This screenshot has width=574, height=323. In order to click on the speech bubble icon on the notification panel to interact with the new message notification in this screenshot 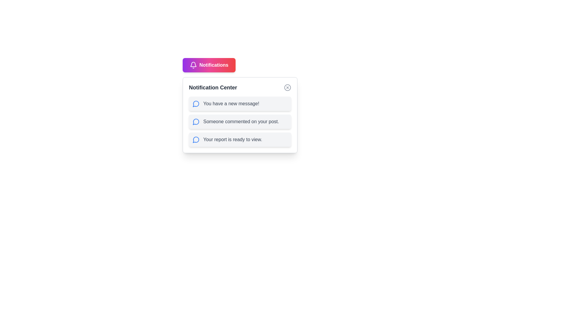, I will do `click(196, 103)`.